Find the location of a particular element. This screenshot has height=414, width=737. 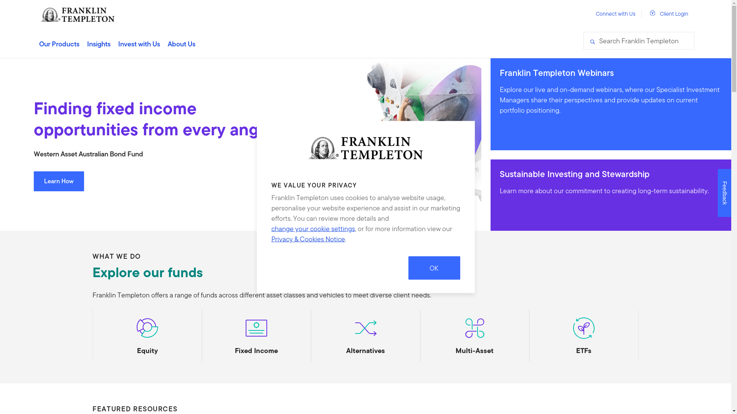

'Our Products' is located at coordinates (36, 44).